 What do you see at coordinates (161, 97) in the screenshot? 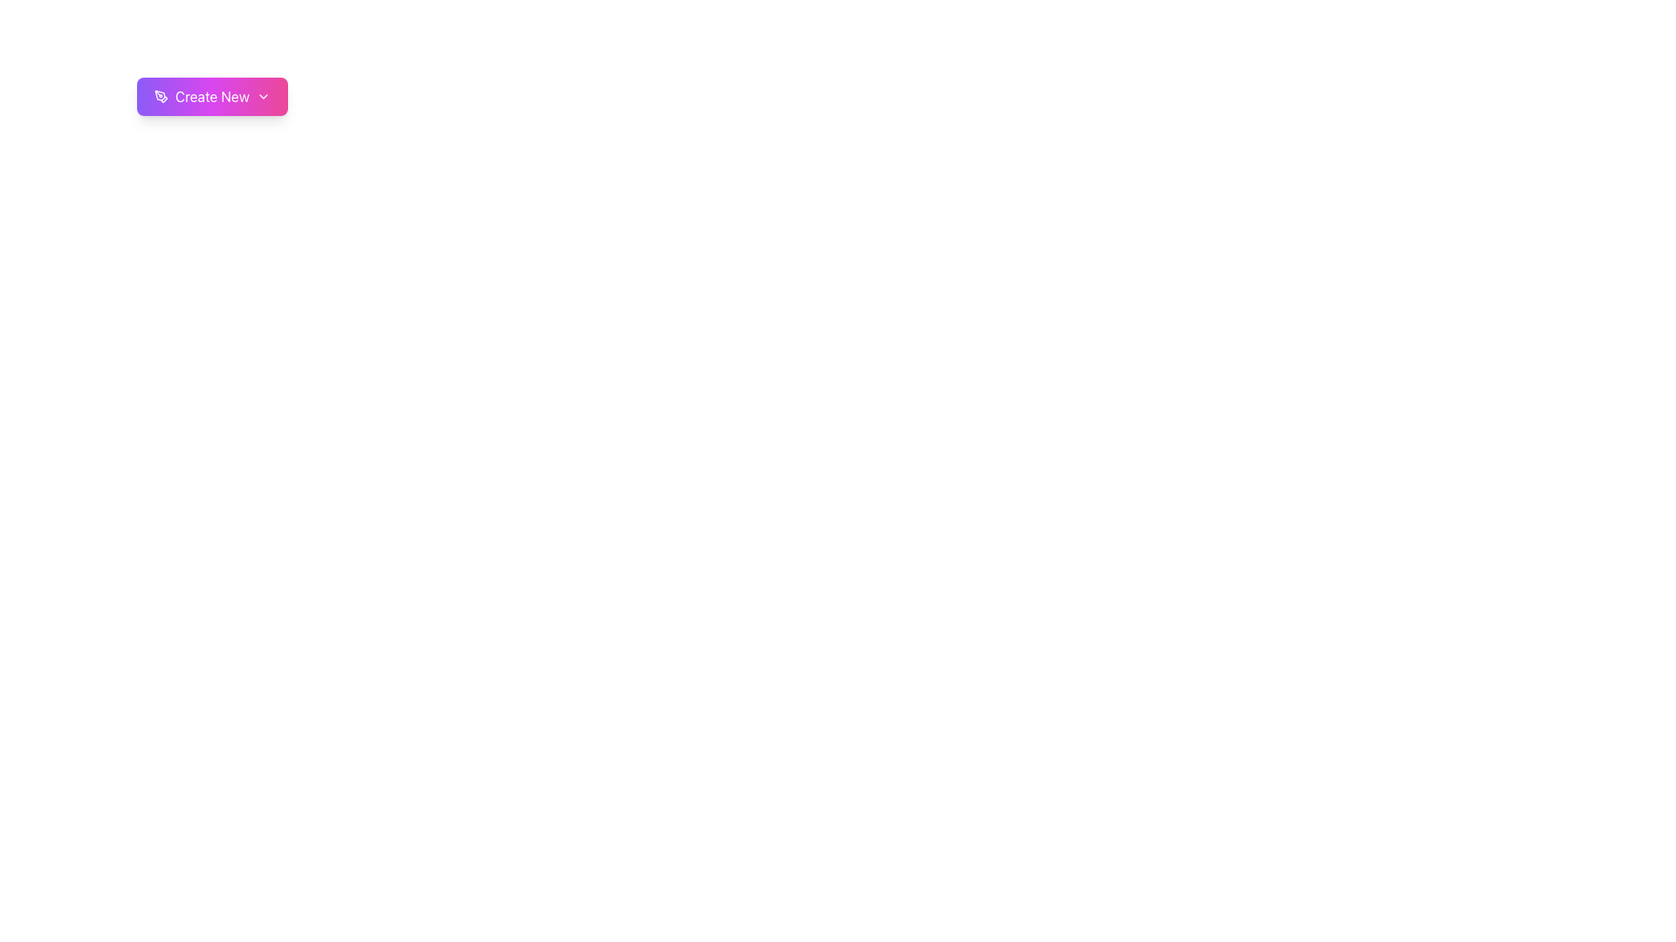
I see `the icon representing the 'Create New' action, located to the left of the text 'Create New' within a button group` at bounding box center [161, 97].